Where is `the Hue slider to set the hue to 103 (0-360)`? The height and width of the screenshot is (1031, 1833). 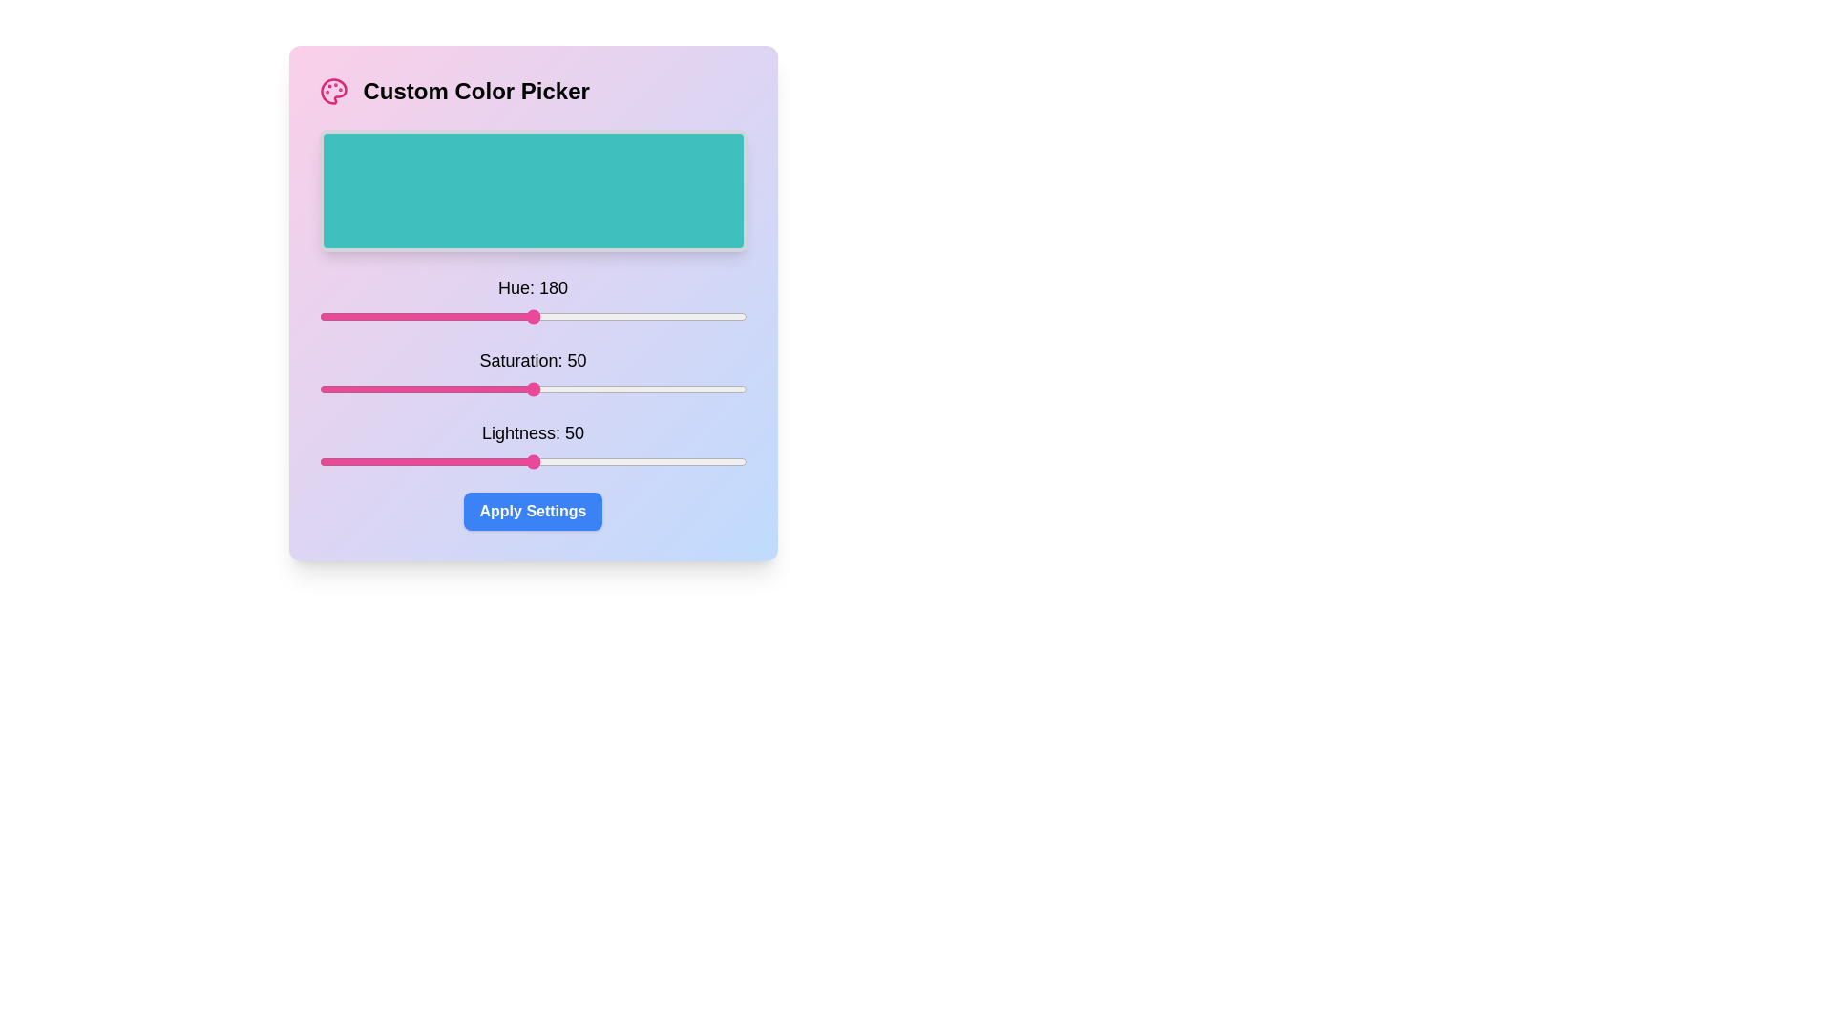 the Hue slider to set the hue to 103 (0-360) is located at coordinates (440, 315).